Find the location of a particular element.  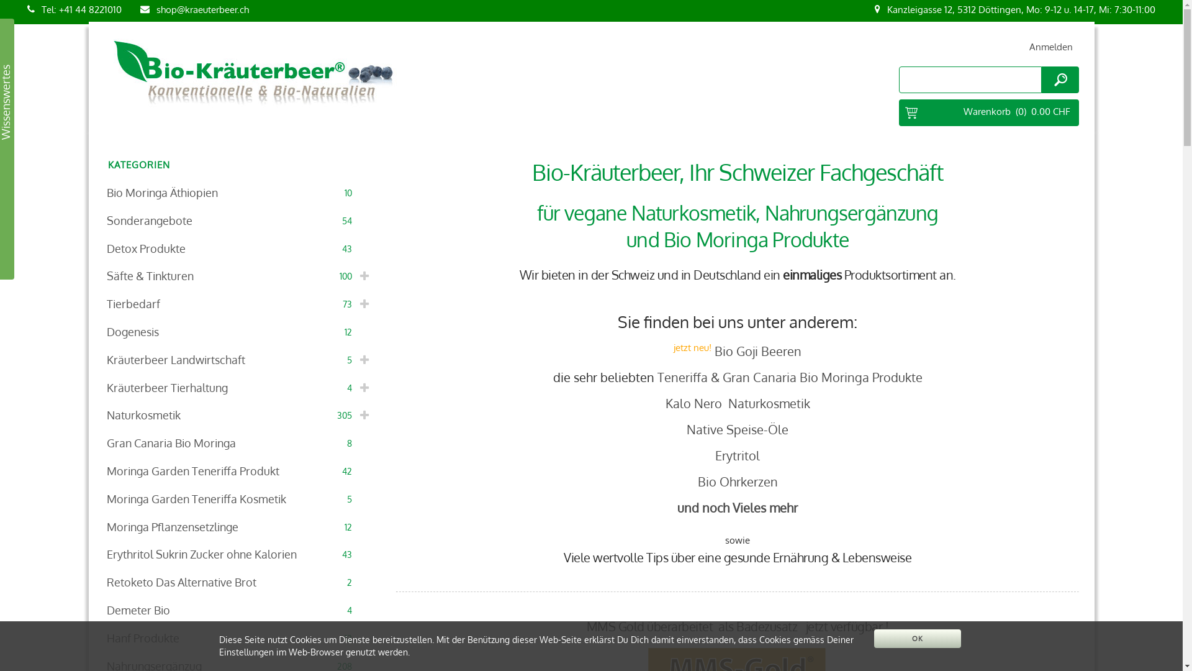

'Kalo Nero  Naturkosmetik' is located at coordinates (738, 403).